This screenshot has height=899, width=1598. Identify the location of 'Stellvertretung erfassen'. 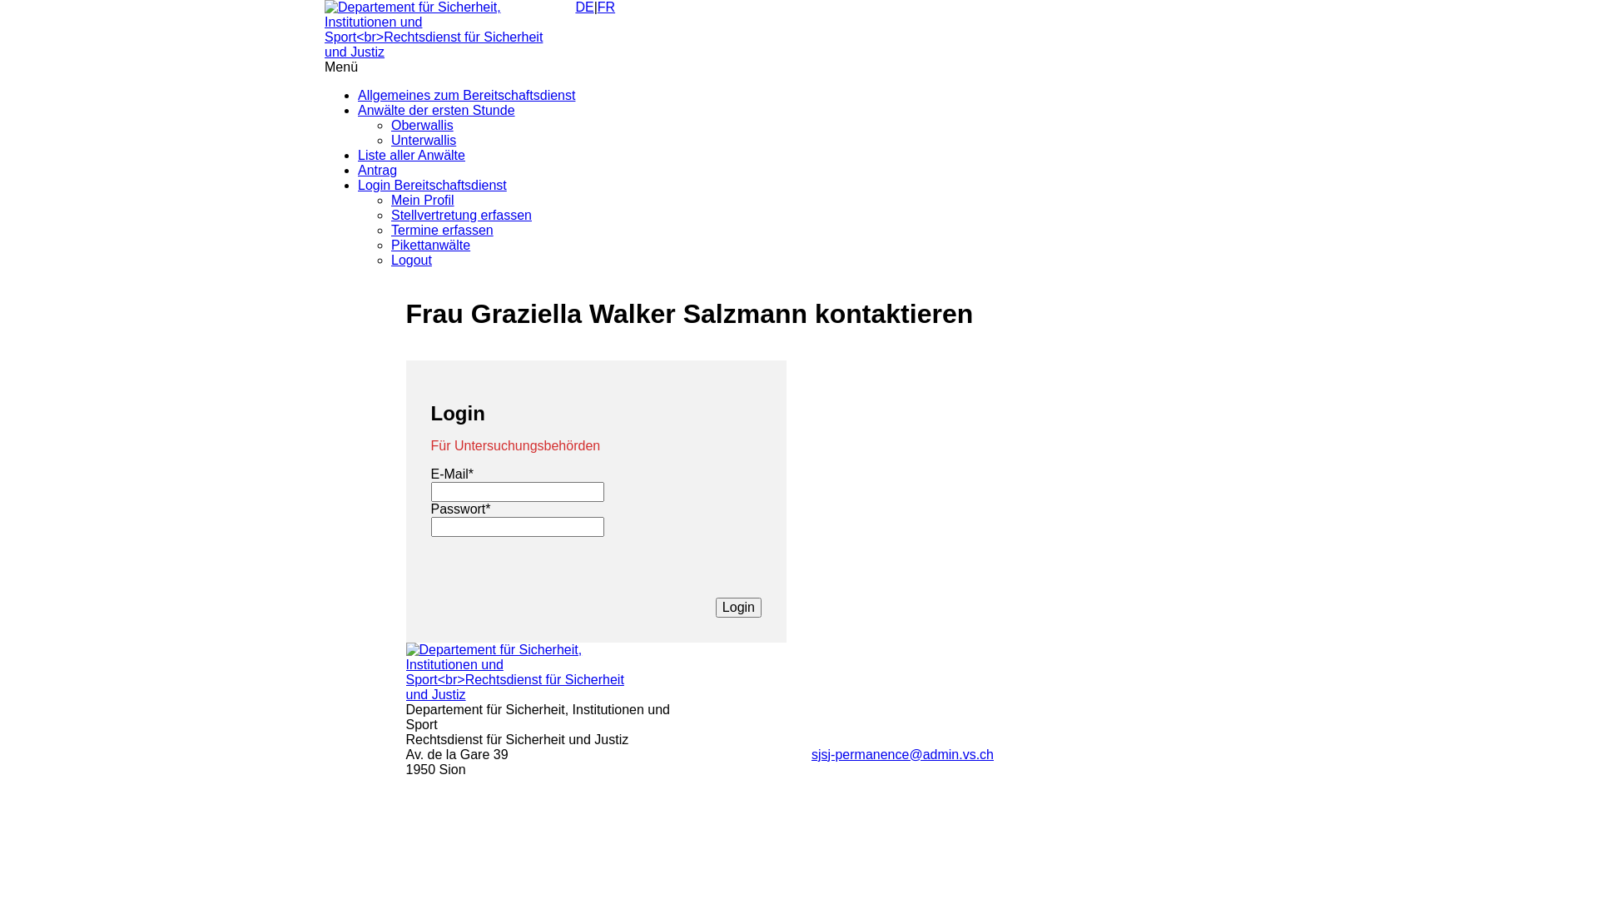
(461, 214).